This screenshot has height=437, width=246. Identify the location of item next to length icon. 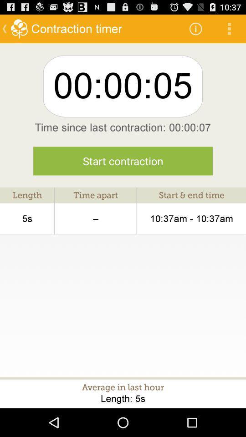
(95, 218).